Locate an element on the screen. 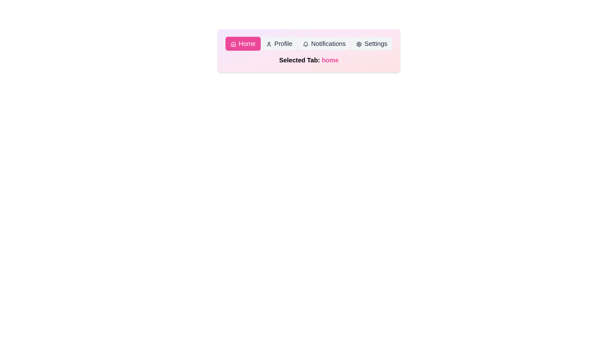  the user silhouette icon located within the 'Profile' button on the navigation menu, which is positioned to the left of the text 'Profile' is located at coordinates (269, 44).